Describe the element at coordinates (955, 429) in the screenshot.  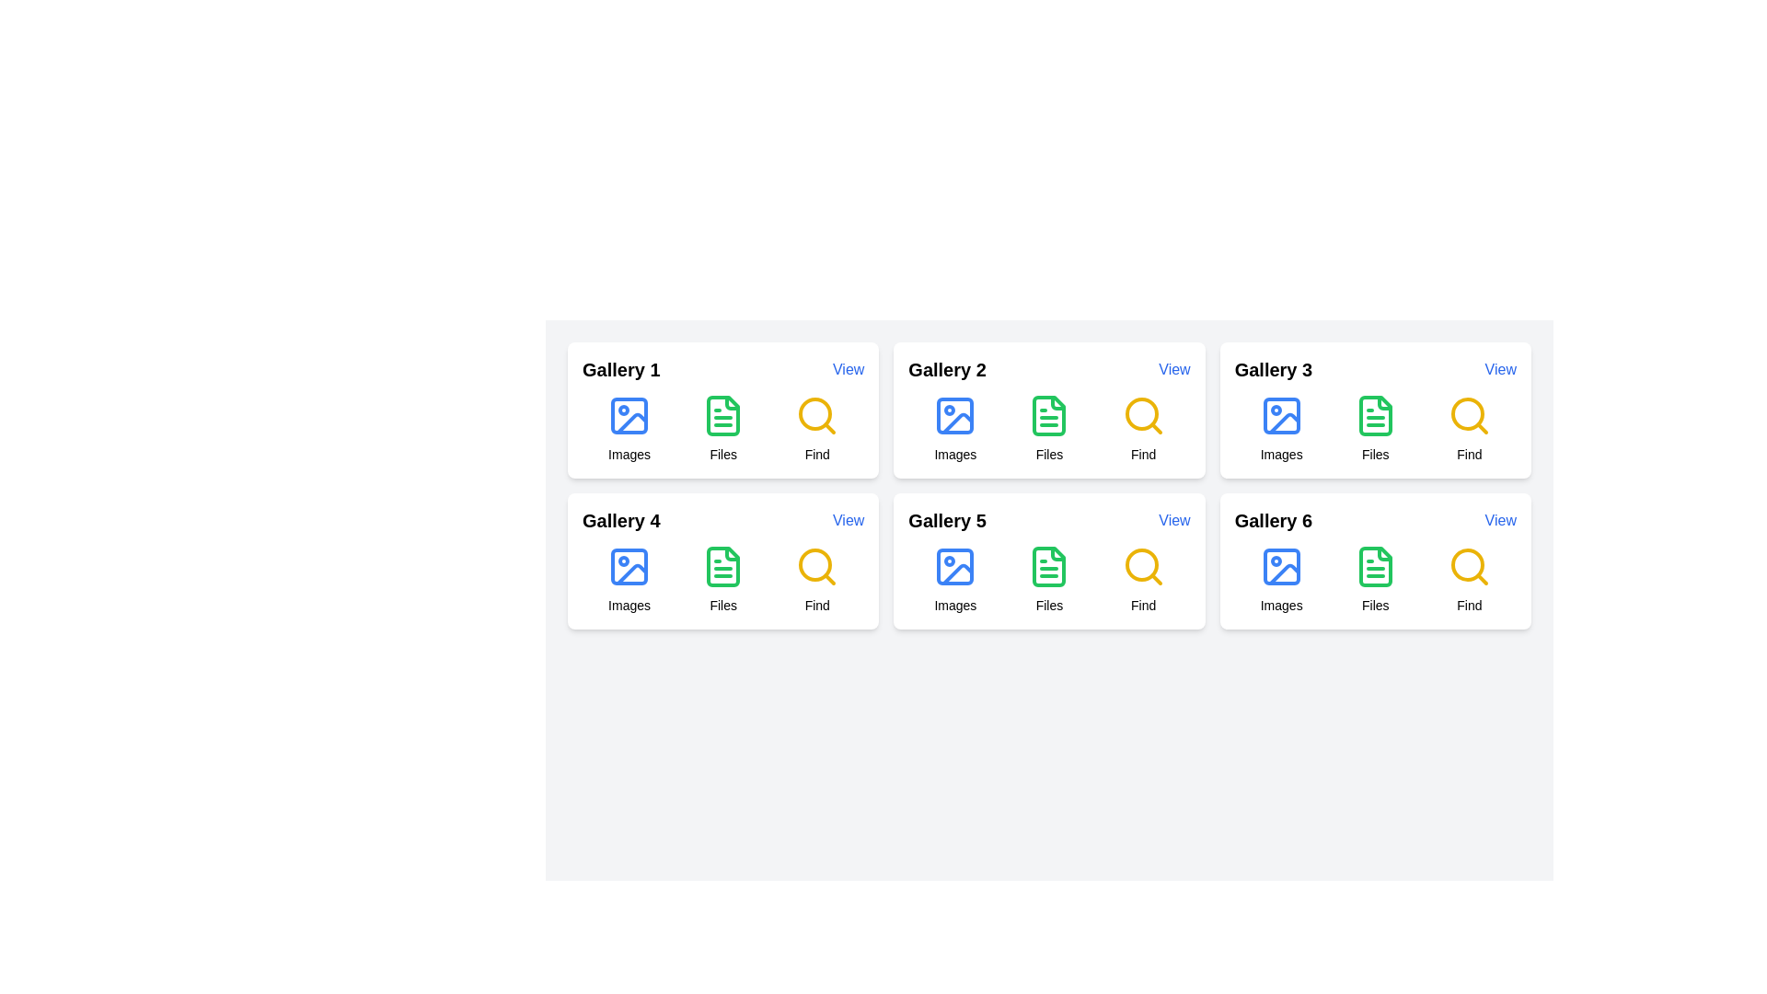
I see `the button or clickable icon labeled as the first option in the 'Images', 'Files', and 'Find' section of the second gallery` at that location.